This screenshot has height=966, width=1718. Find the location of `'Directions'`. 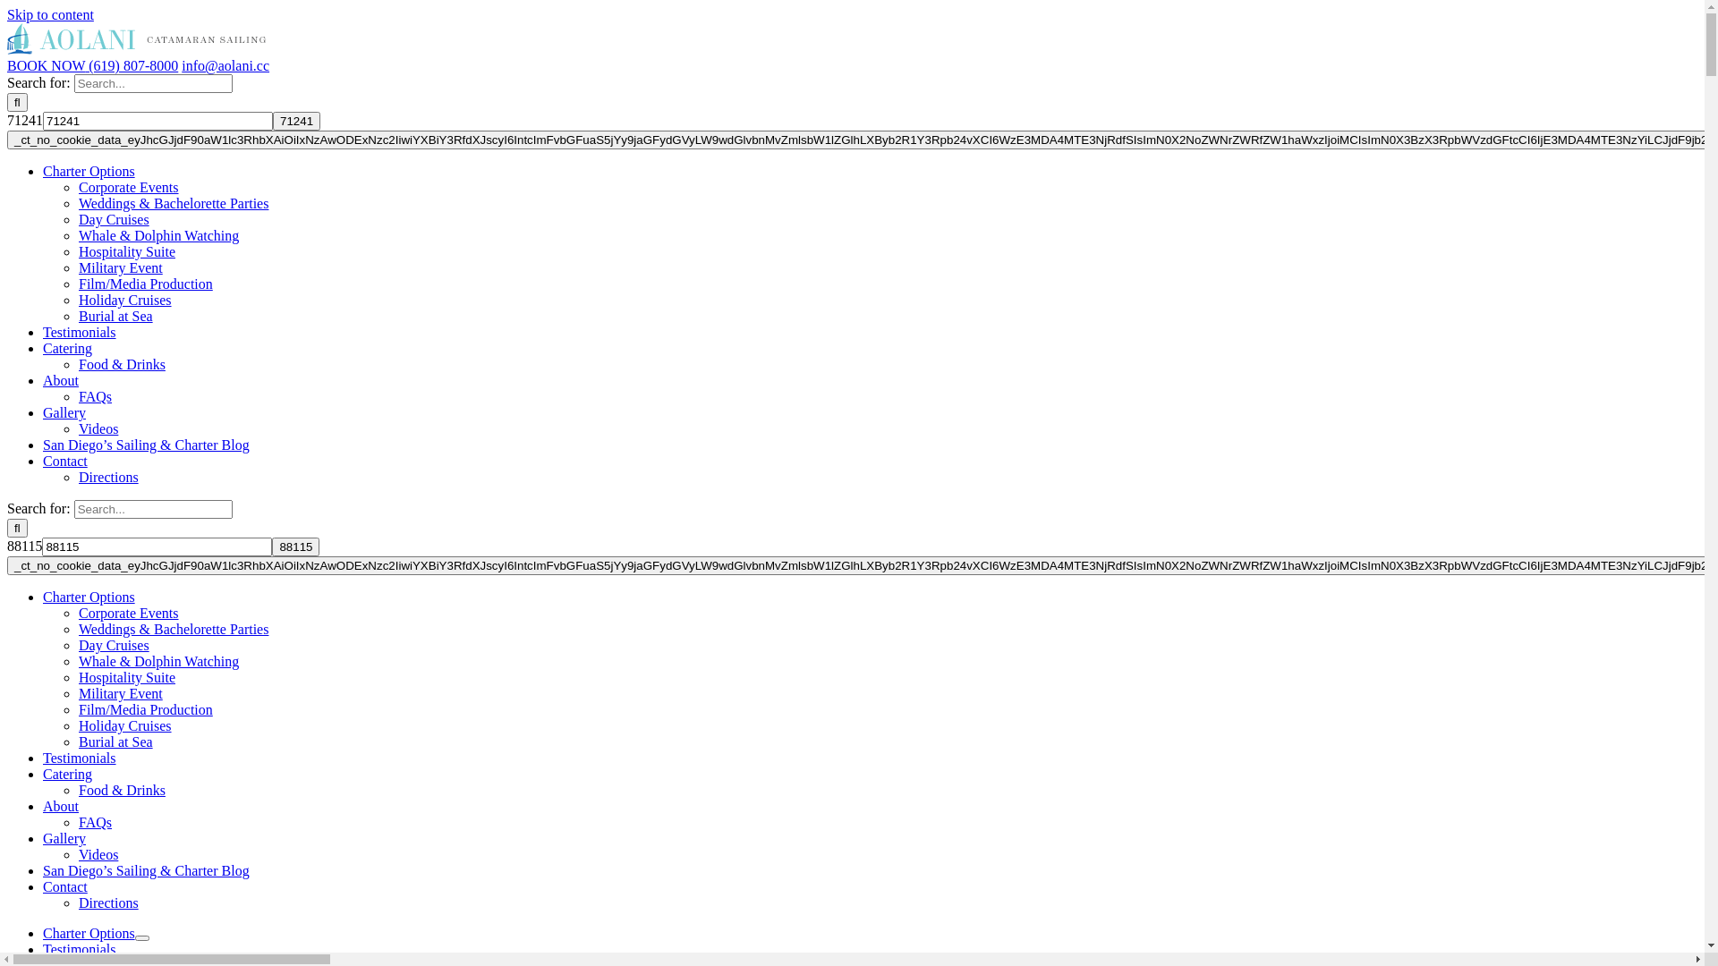

'Directions' is located at coordinates (107, 902).